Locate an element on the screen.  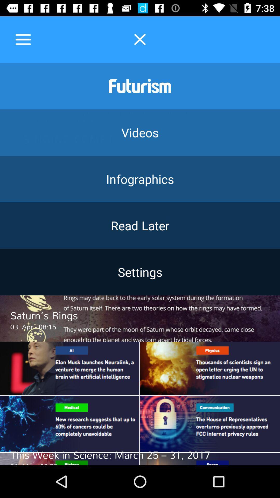
the close icon is located at coordinates (140, 39).